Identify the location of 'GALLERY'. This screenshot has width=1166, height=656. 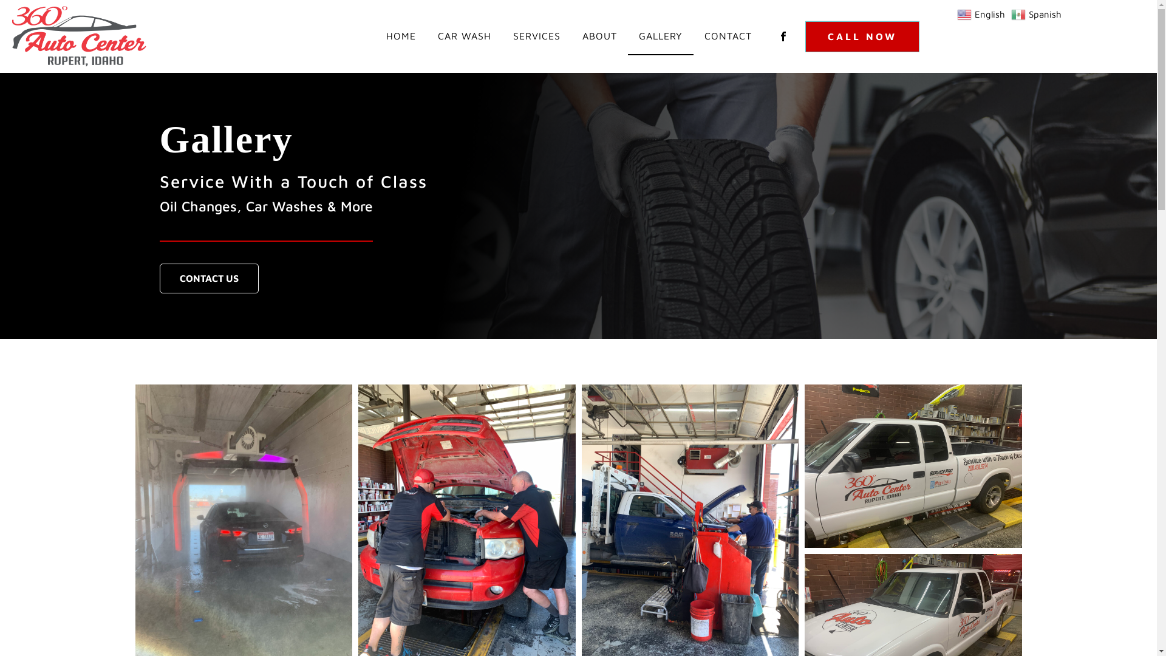
(627, 36).